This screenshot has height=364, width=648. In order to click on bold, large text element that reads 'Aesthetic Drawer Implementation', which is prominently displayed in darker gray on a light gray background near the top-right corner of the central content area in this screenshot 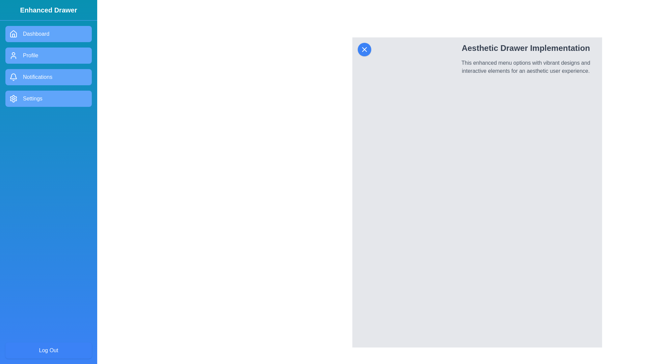, I will do `click(525, 48)`.